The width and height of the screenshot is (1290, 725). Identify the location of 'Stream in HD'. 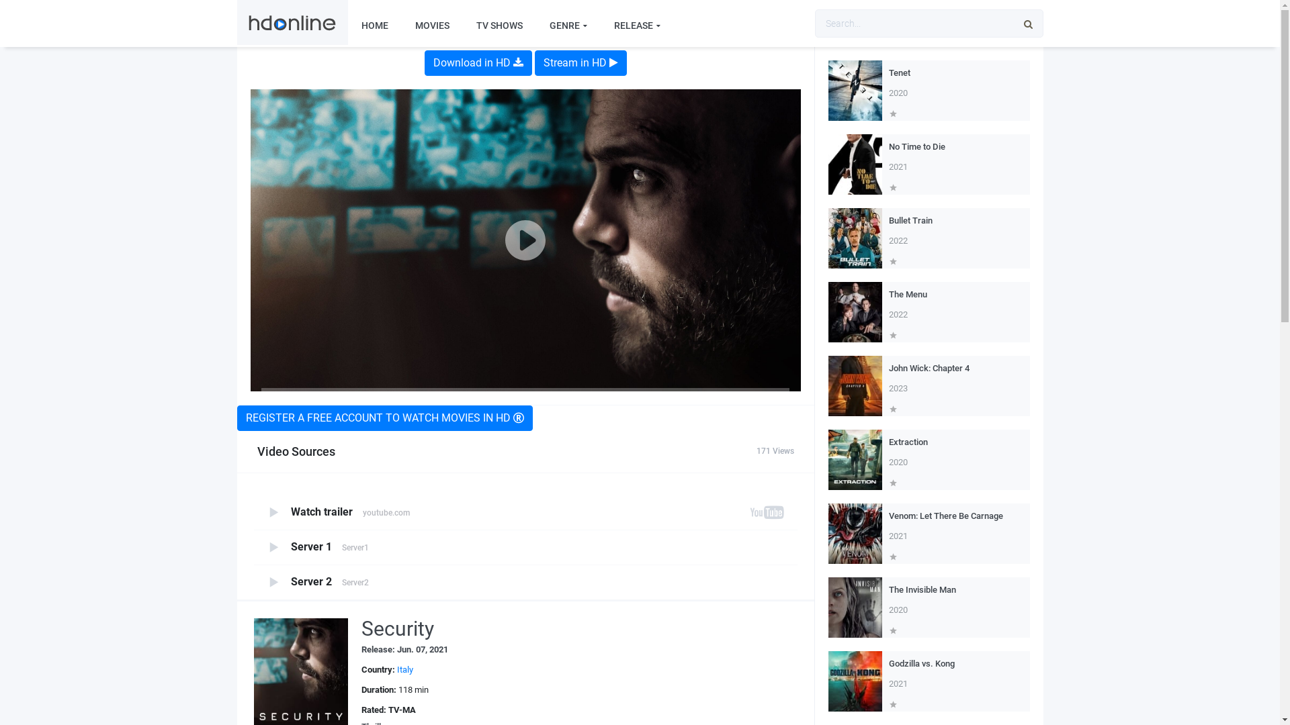
(580, 62).